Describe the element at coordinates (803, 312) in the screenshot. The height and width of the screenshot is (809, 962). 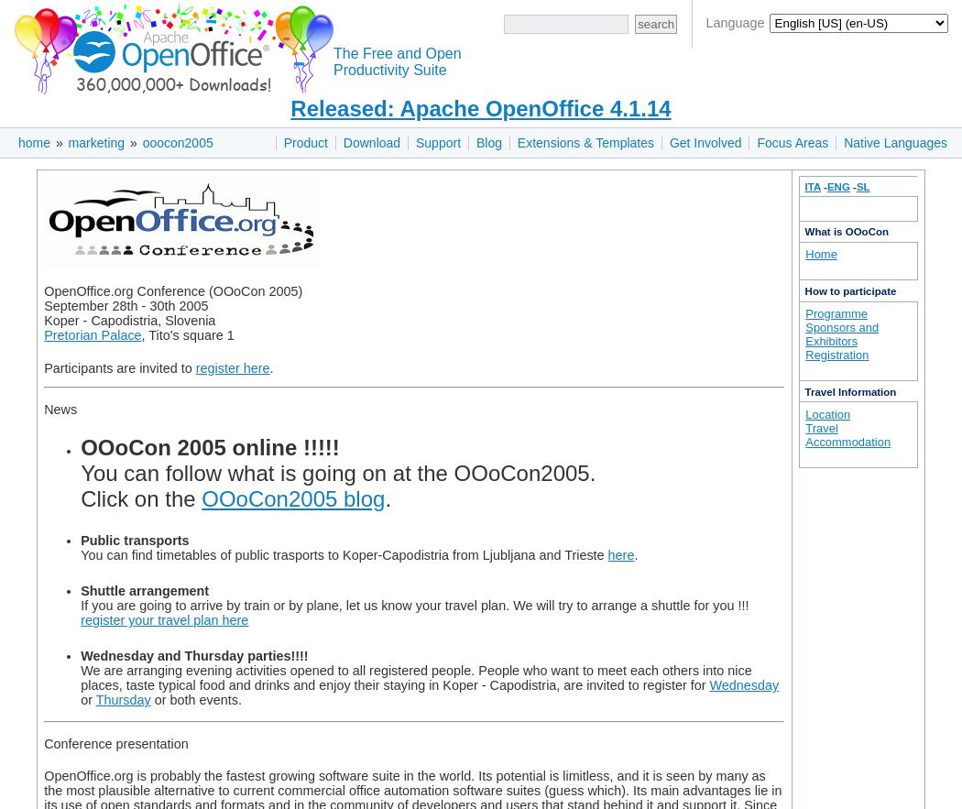
I see `'Programme'` at that location.